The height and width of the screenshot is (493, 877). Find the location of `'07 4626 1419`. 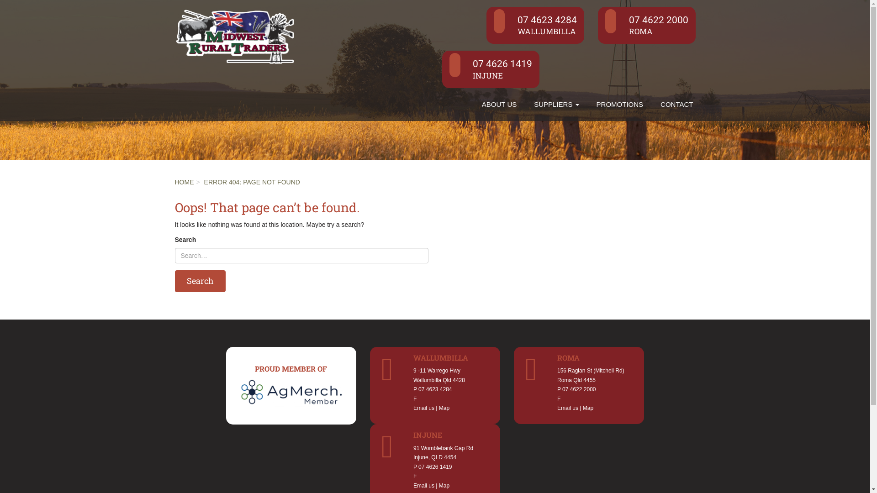

'07 4626 1419 is located at coordinates (491, 68).